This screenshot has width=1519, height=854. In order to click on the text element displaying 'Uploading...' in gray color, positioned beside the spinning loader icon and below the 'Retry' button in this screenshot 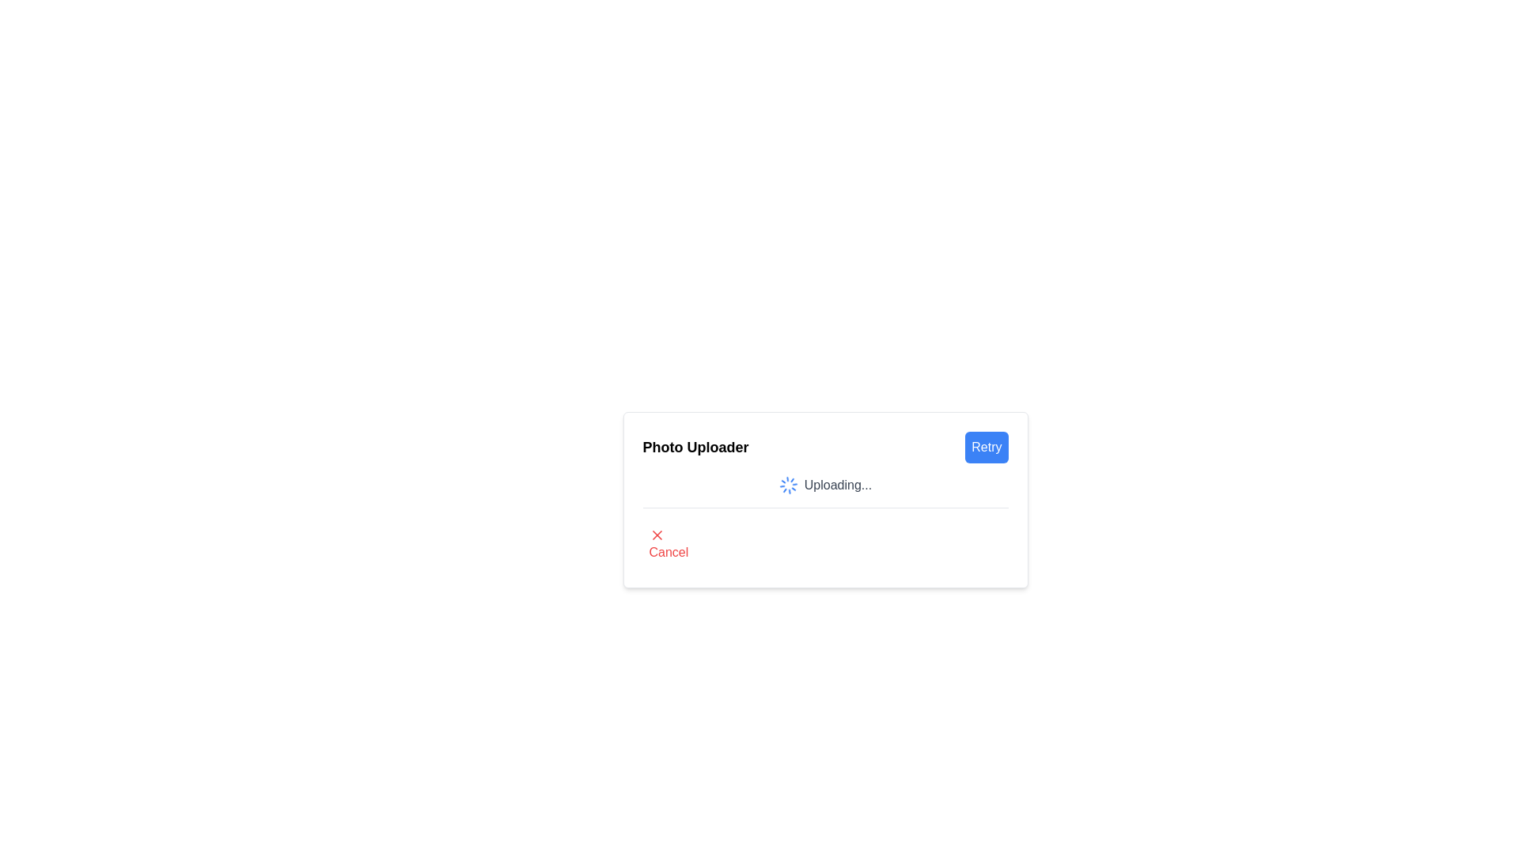, I will do `click(837, 484)`.